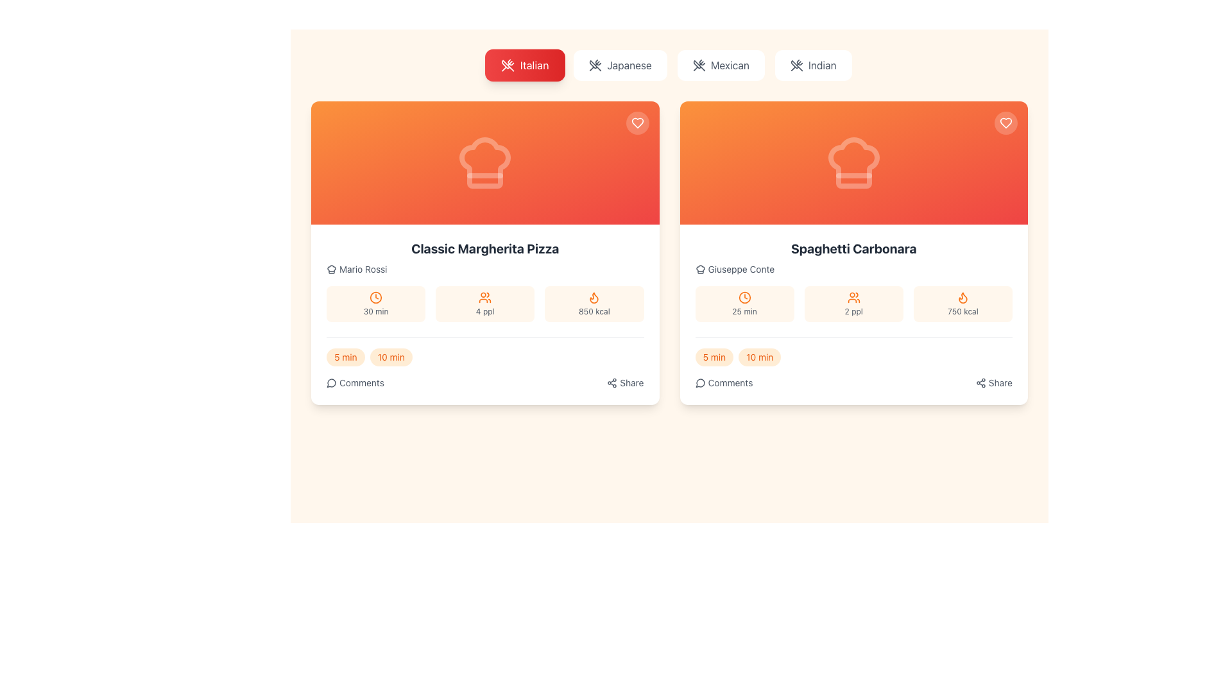 The image size is (1232, 693). I want to click on the second button in a horizontal line of four buttons that filters or selects Japanese cuisine-related content, so click(620, 65).